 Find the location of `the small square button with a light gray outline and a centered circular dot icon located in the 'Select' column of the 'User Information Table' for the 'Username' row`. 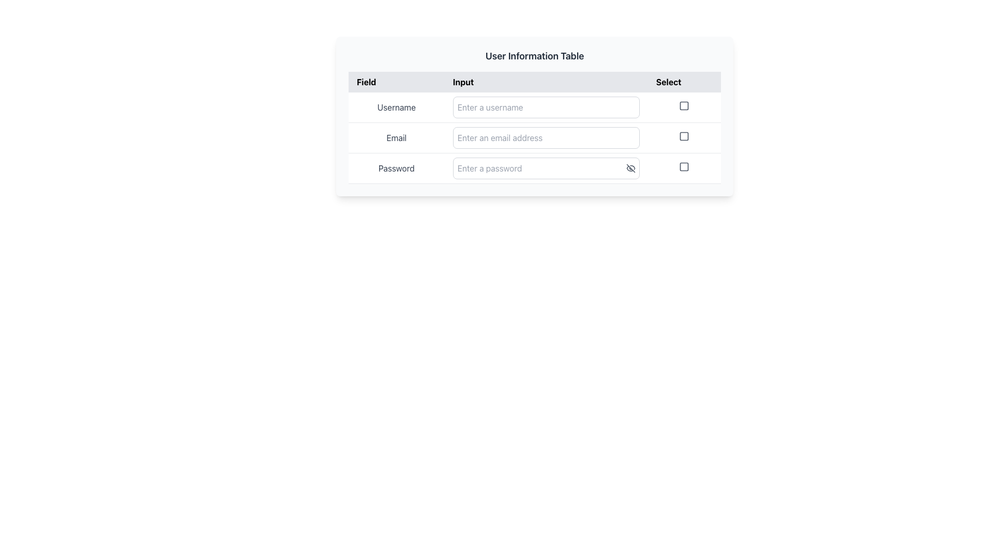

the small square button with a light gray outline and a centered circular dot icon located in the 'Select' column of the 'User Information Table' for the 'Username' row is located at coordinates (684, 105).